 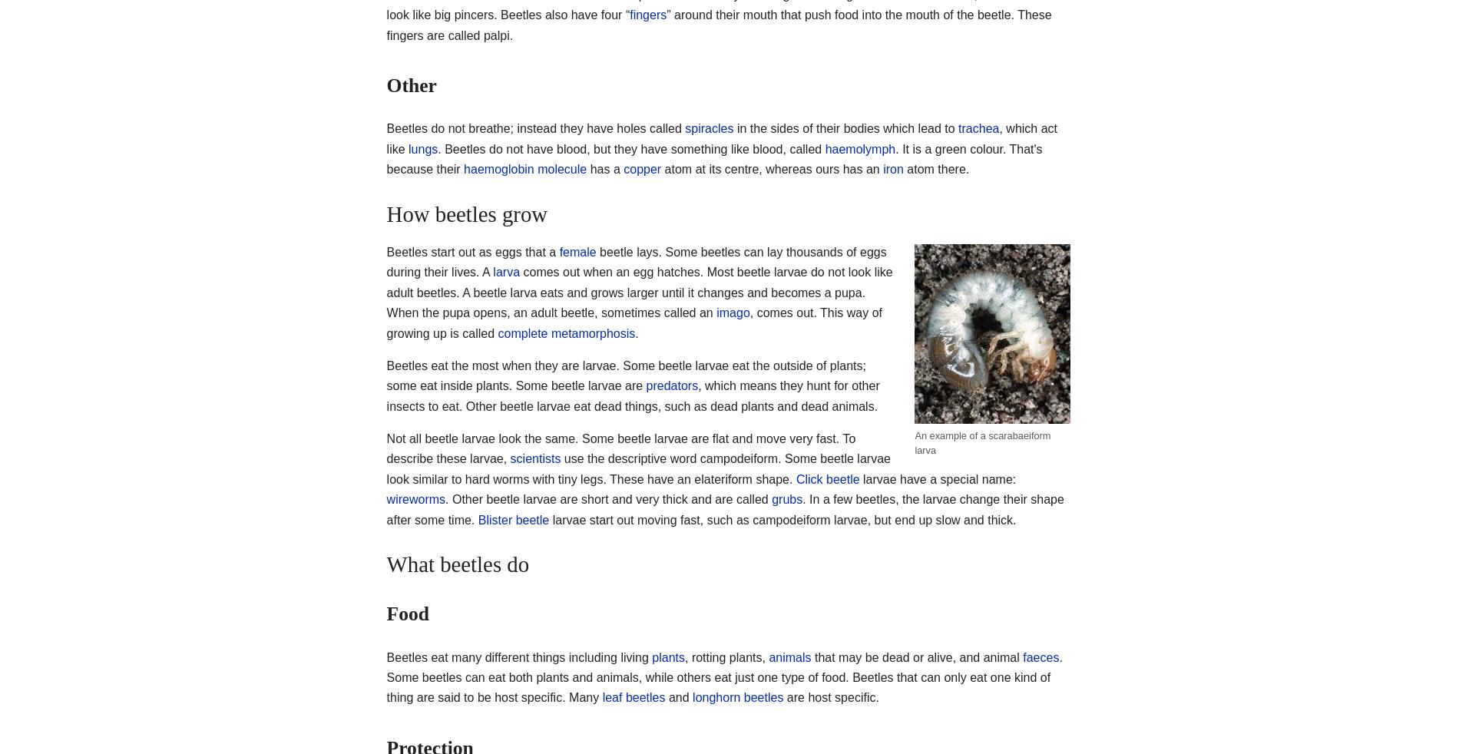 What do you see at coordinates (423, 147) in the screenshot?
I see `'lungs'` at bounding box center [423, 147].